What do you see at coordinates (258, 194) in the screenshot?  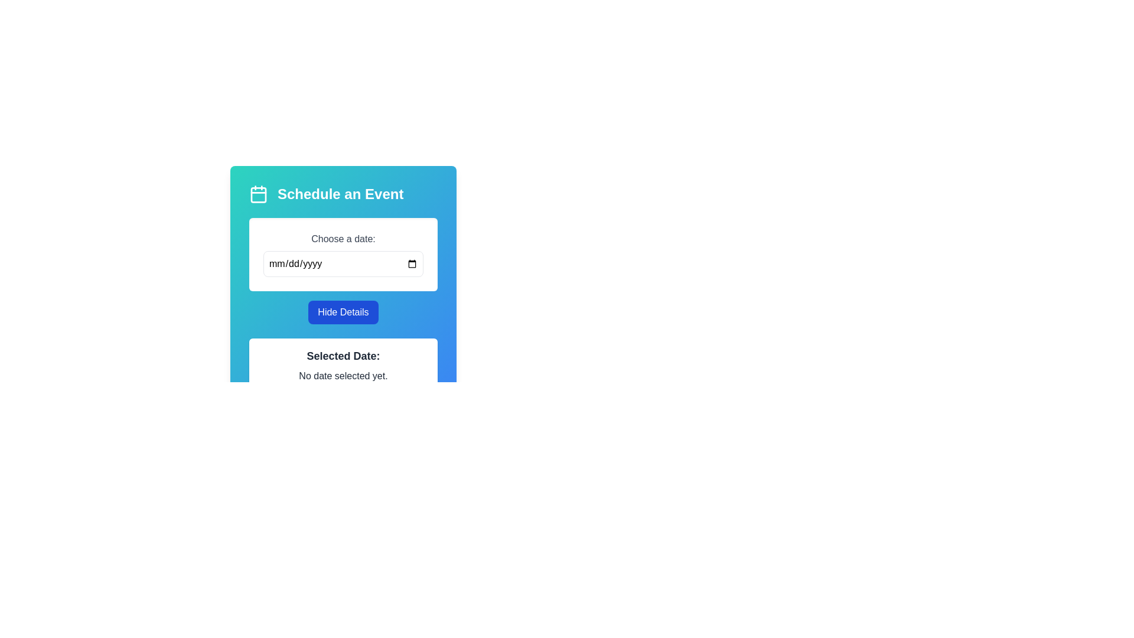 I see `the SVG rectangle element that is part of the calendar icon located in the top-left section of the interface, next to the title 'Schedule an Event'` at bounding box center [258, 194].